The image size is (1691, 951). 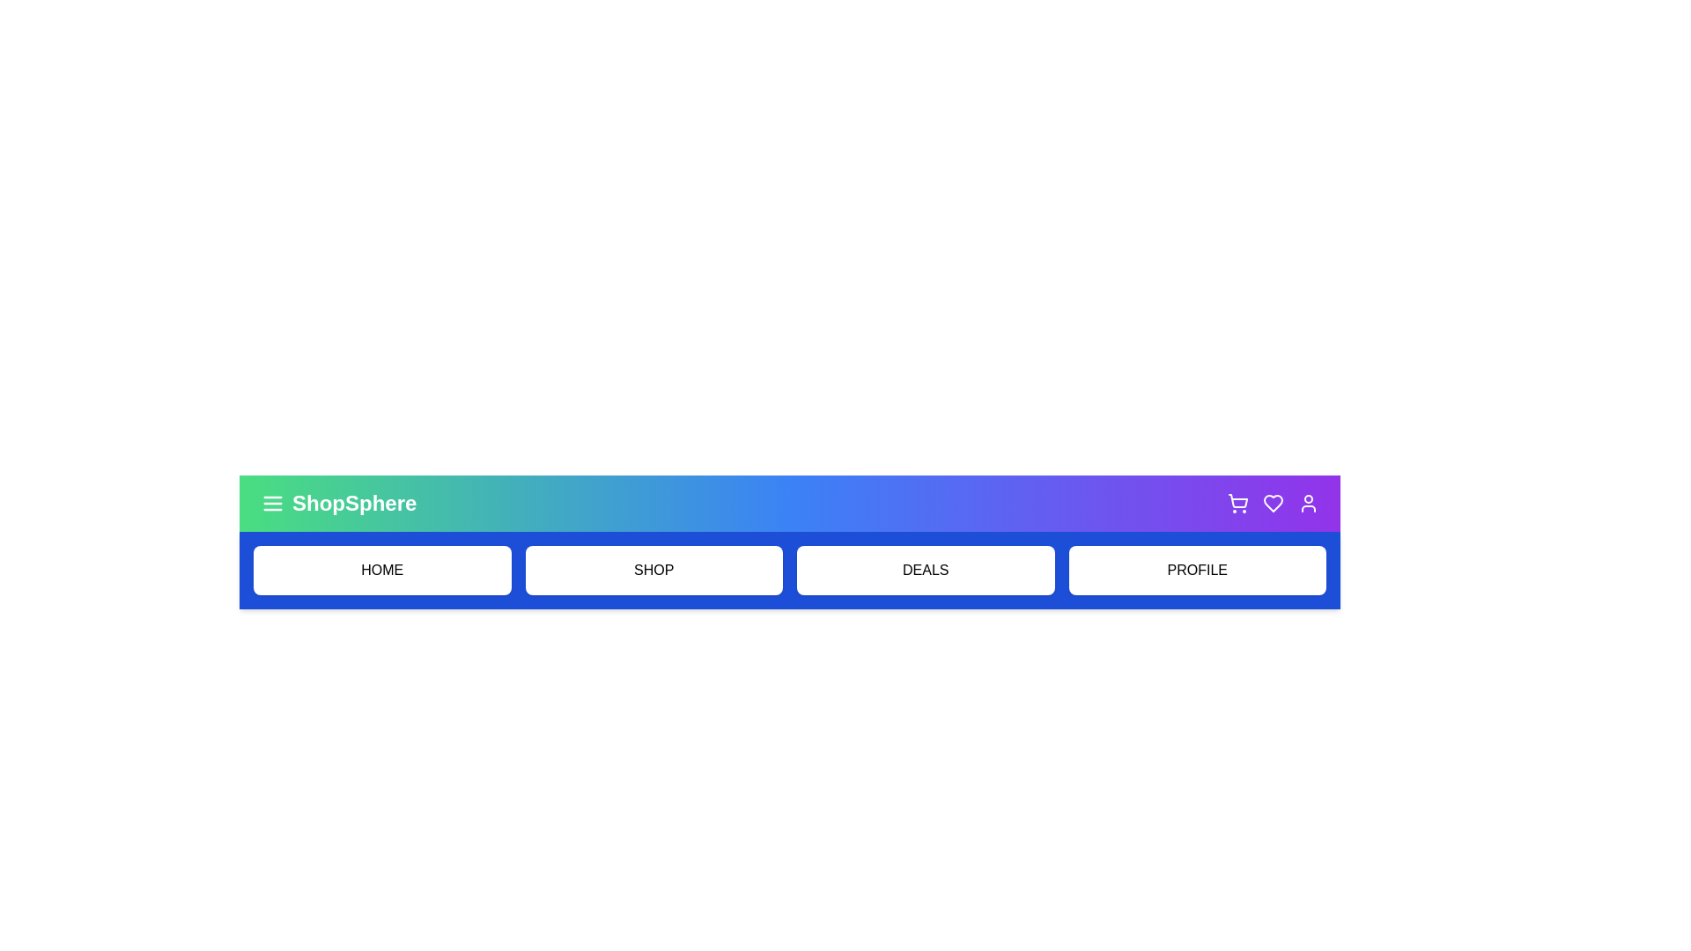 I want to click on the 'User' icon in the navigation bar, so click(x=1309, y=503).